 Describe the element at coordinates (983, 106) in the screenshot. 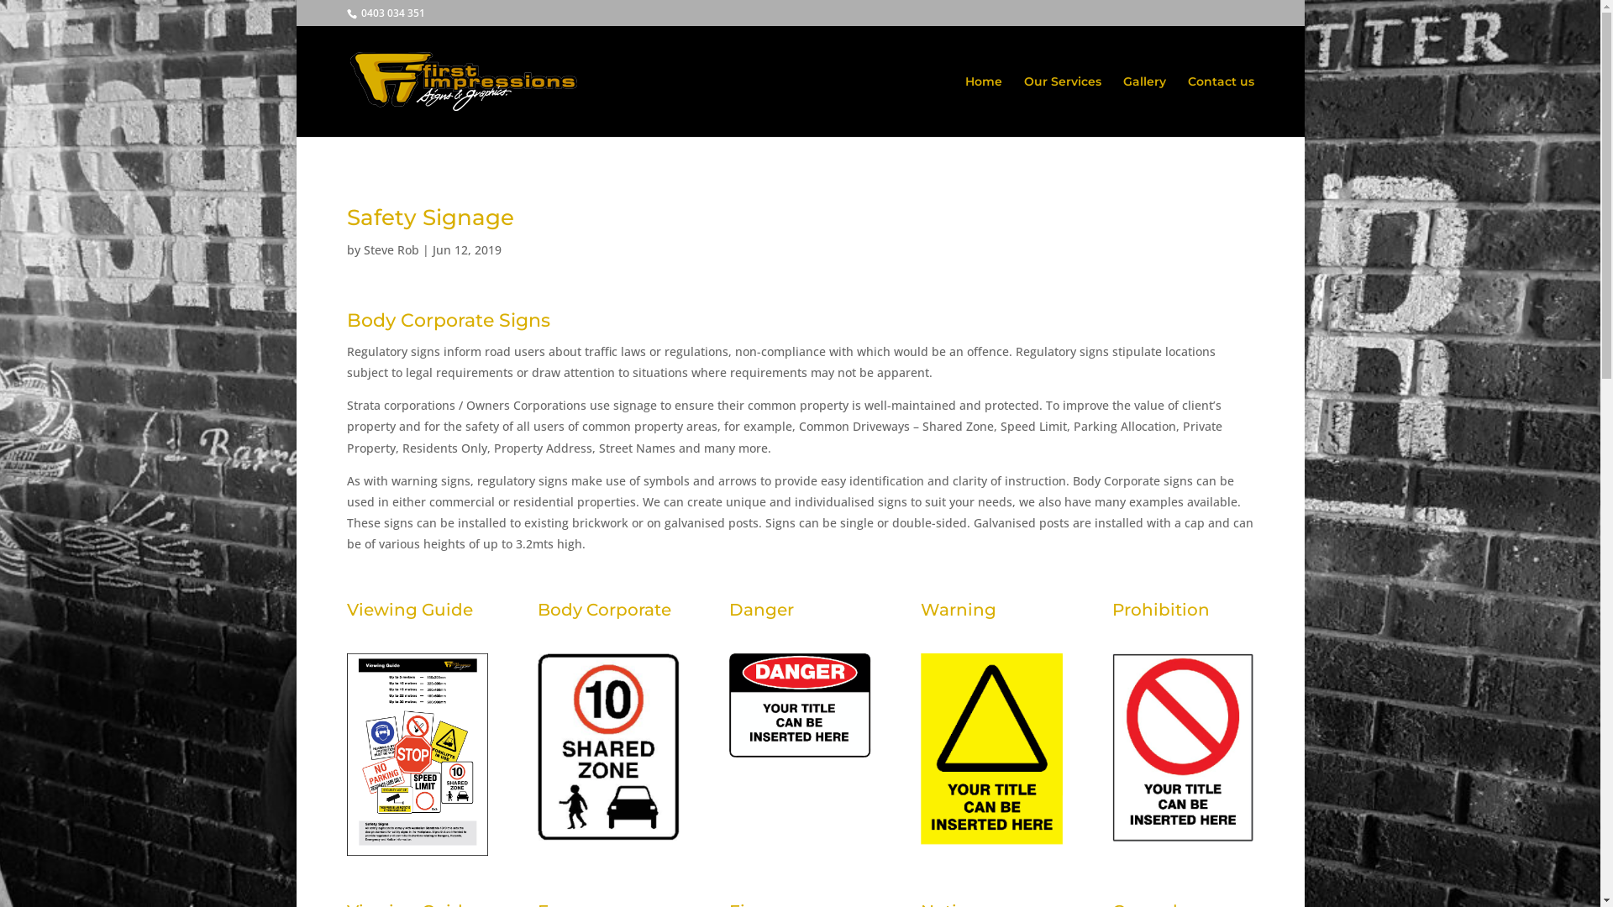

I see `'Home'` at that location.